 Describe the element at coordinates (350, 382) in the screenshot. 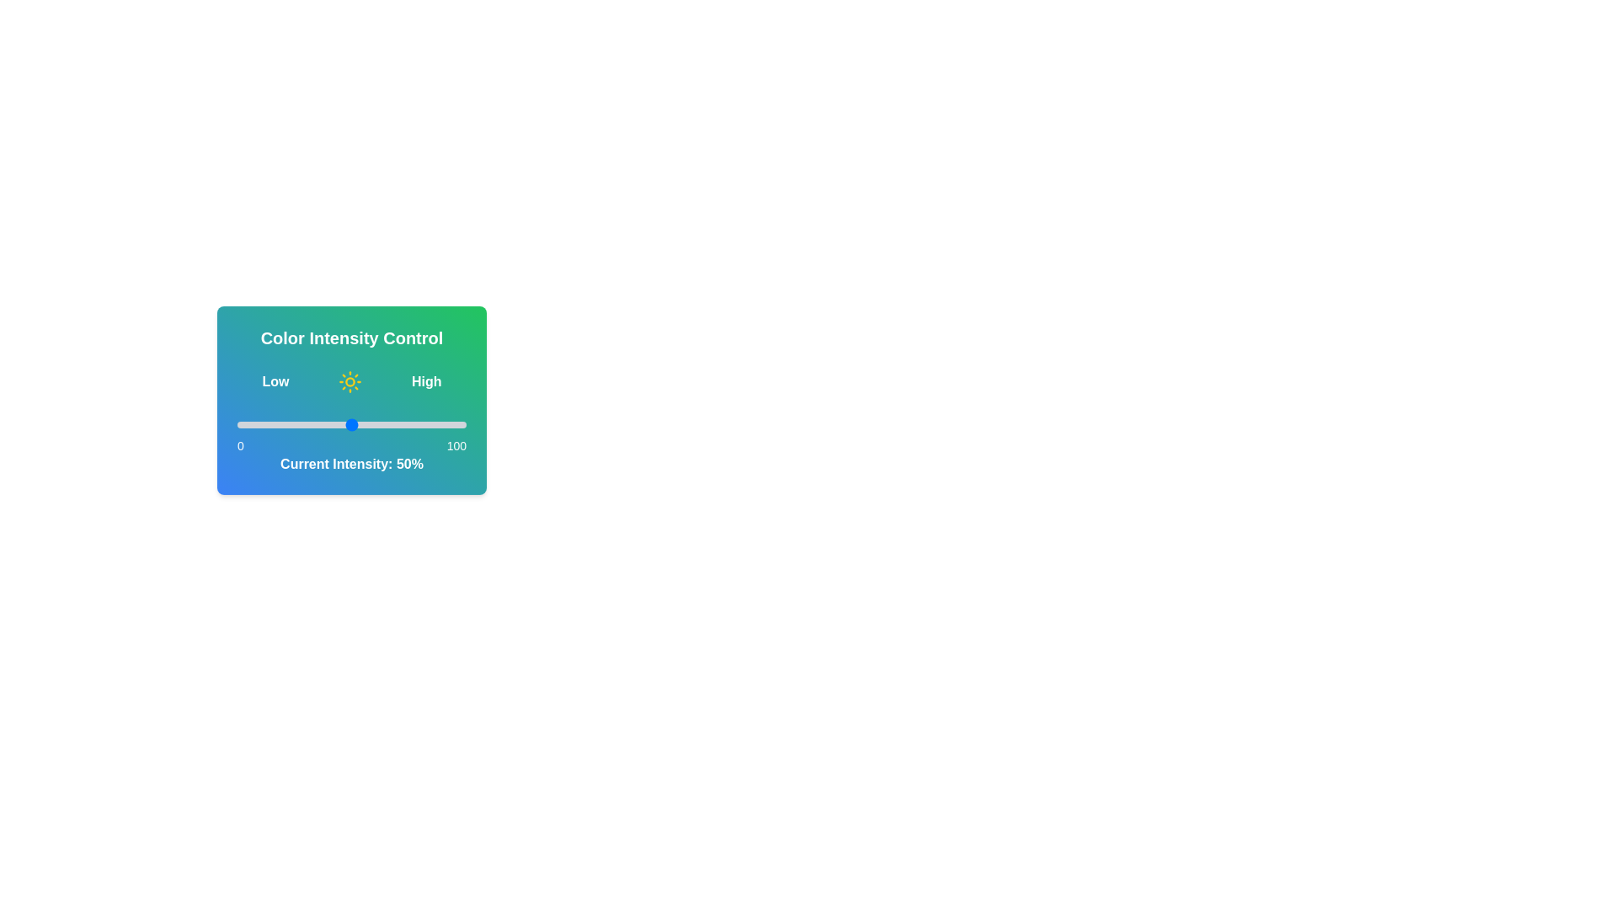

I see `the sun icon in the 'Color Intensity Control' section that indicates brightness or light intensity` at that location.